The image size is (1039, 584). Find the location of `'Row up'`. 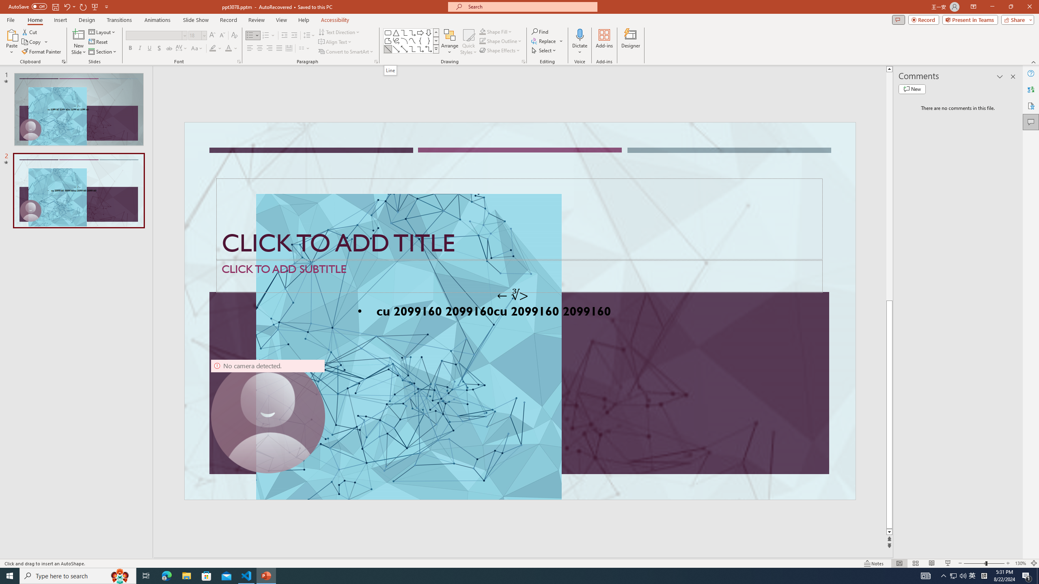

'Row up' is located at coordinates (436, 32).